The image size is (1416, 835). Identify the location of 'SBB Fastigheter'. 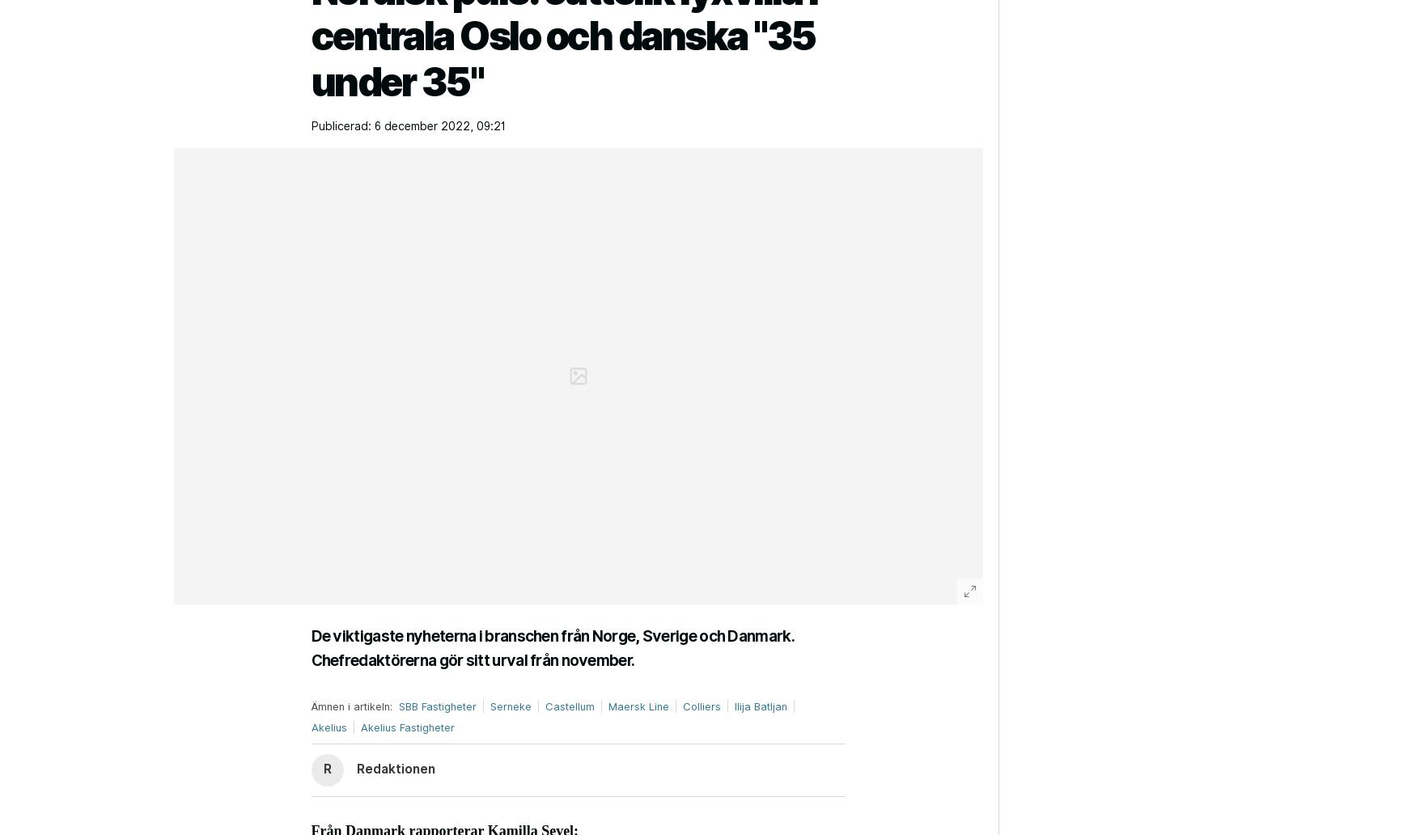
(436, 706).